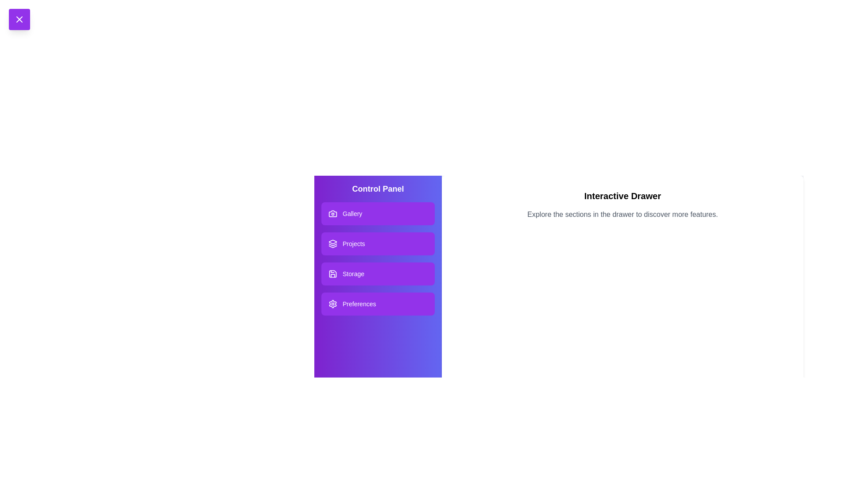 The height and width of the screenshot is (478, 850). What do you see at coordinates (378, 213) in the screenshot?
I see `the Gallery section in the drawer` at bounding box center [378, 213].